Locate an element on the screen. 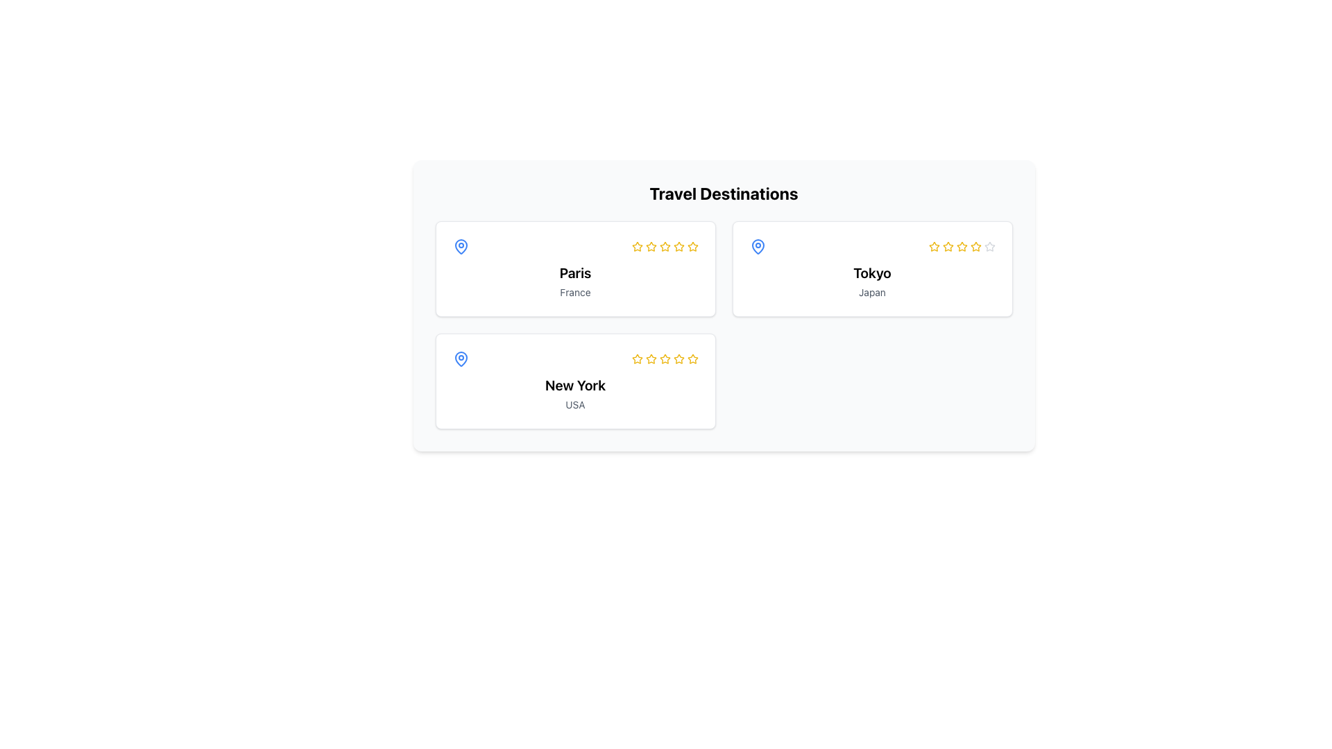 The image size is (1332, 749). the first yellow star icon in the star rating component to rate it on the 'Paris' card is located at coordinates (636, 246).